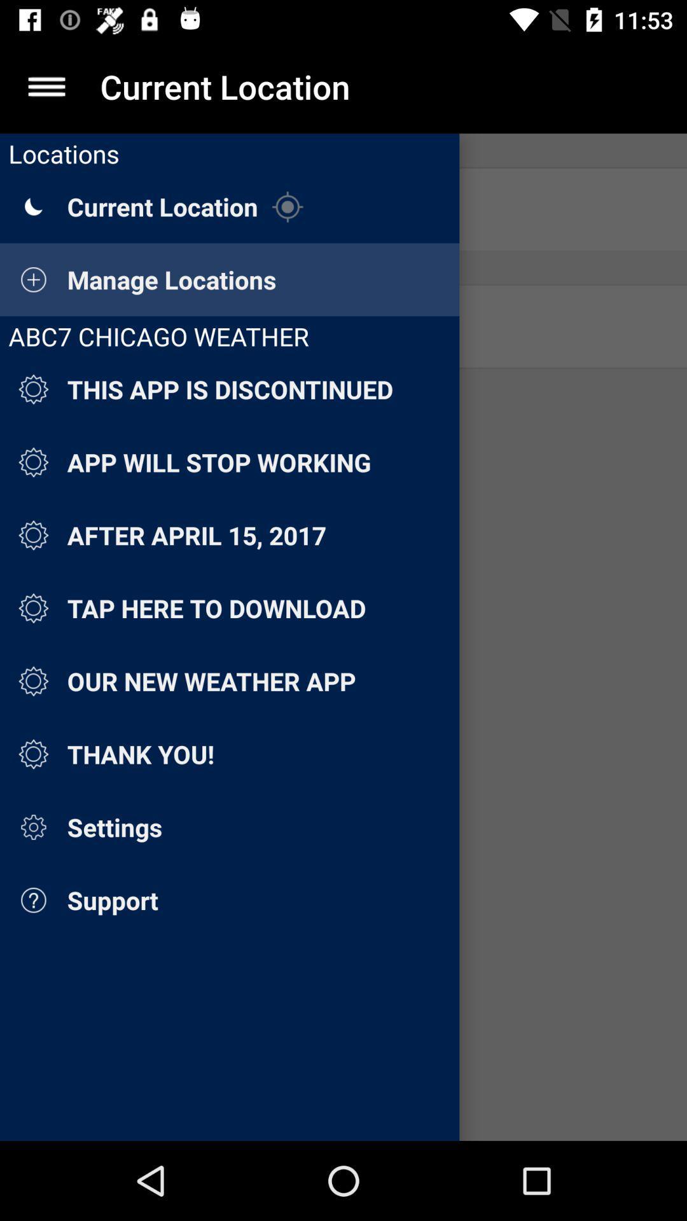  Describe the element at coordinates (46, 86) in the screenshot. I see `the menu icon` at that location.